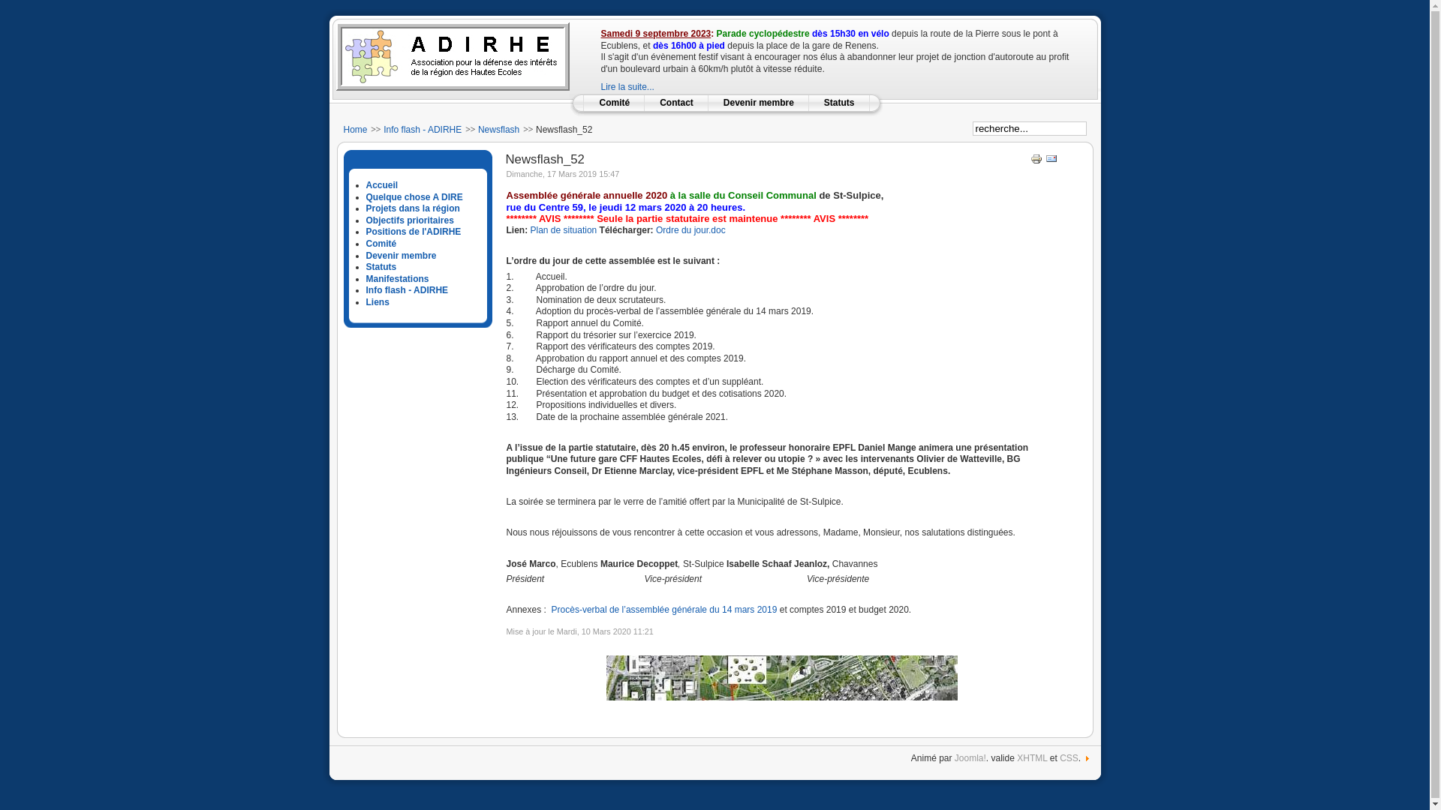 This screenshot has width=1441, height=810. Describe the element at coordinates (1029, 162) in the screenshot. I see `'Imprimer'` at that location.